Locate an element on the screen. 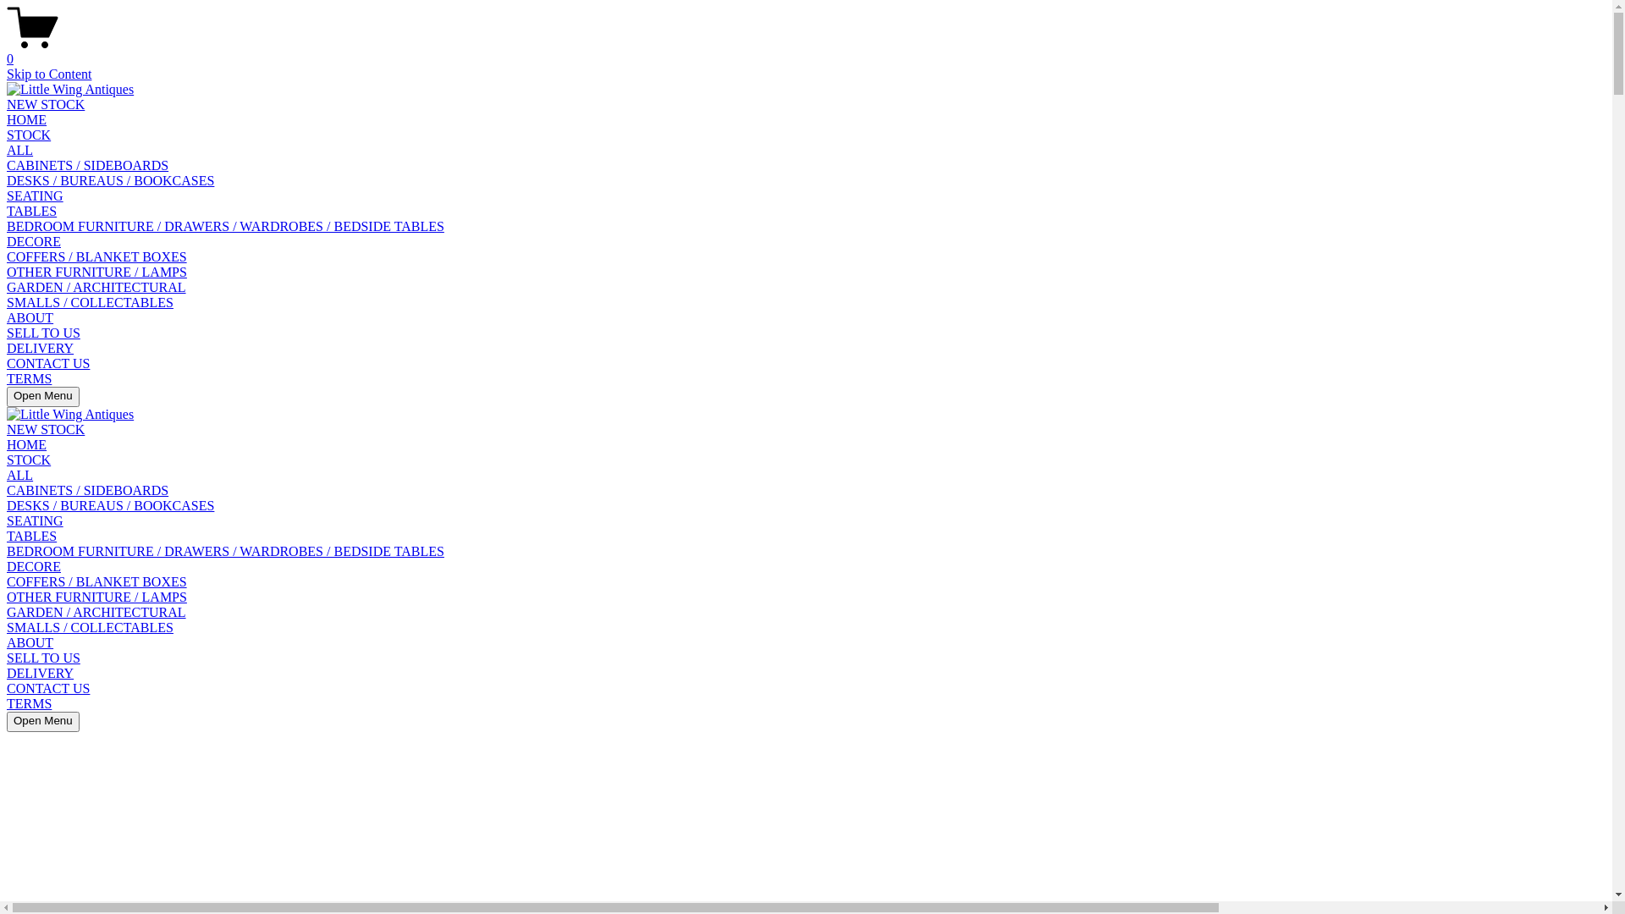  'NEW STOCK' is located at coordinates (7, 428).